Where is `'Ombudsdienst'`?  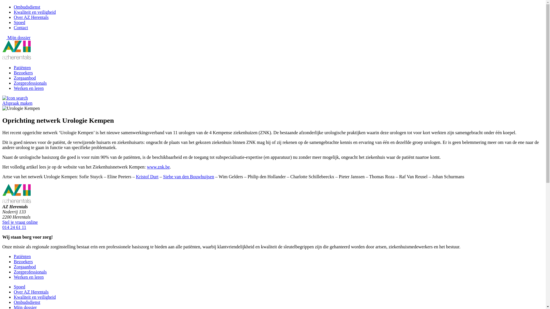 'Ombudsdienst' is located at coordinates (27, 7).